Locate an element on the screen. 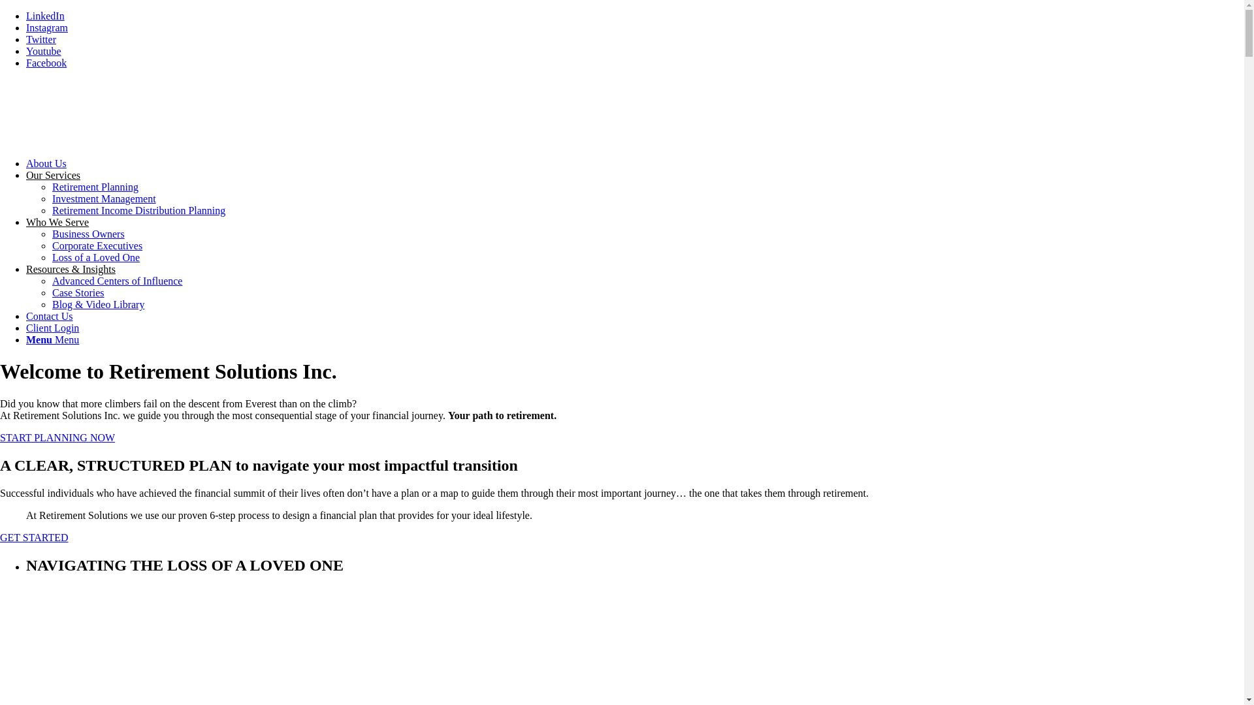 This screenshot has height=705, width=1254. 'LinkedIn' is located at coordinates (45, 16).